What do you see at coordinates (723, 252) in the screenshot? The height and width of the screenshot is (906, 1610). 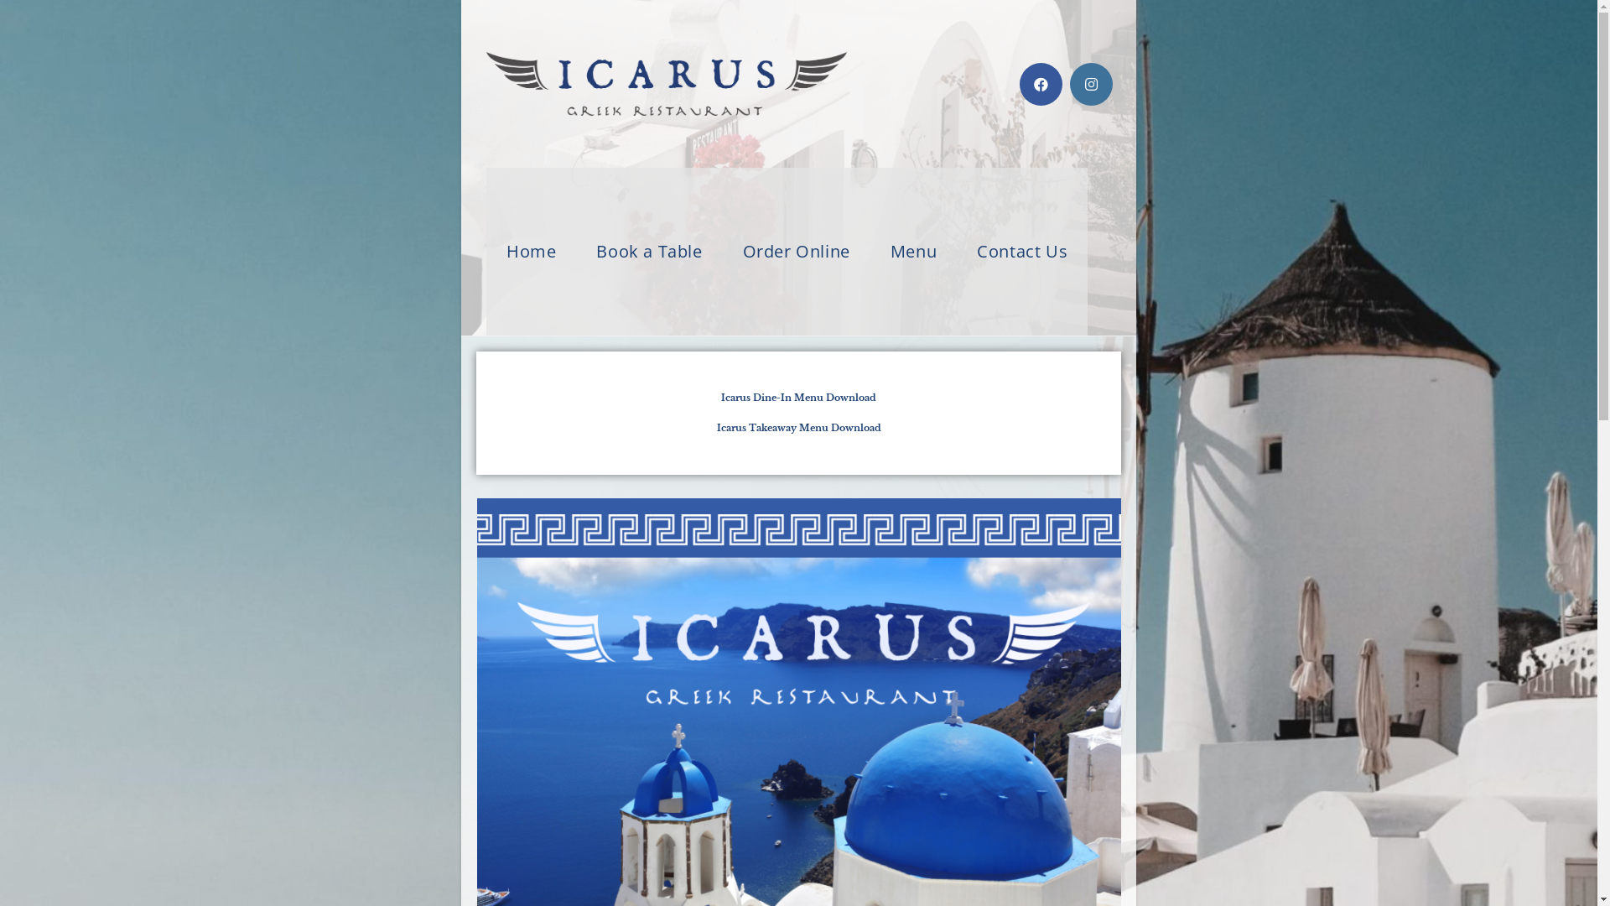 I see `'Order Online'` at bounding box center [723, 252].